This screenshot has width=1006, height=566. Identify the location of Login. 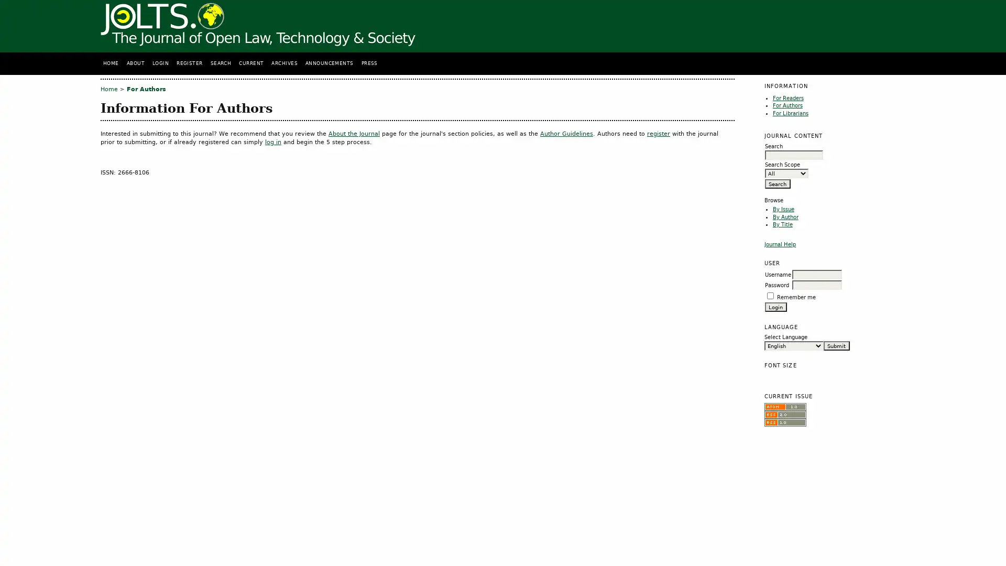
(775, 307).